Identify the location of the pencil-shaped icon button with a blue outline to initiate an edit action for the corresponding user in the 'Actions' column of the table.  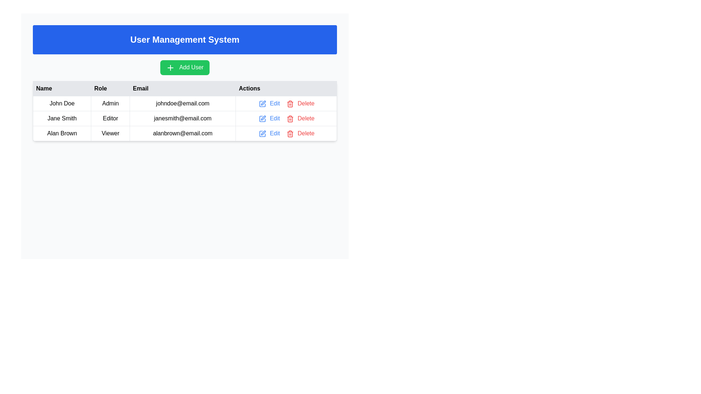
(262, 104).